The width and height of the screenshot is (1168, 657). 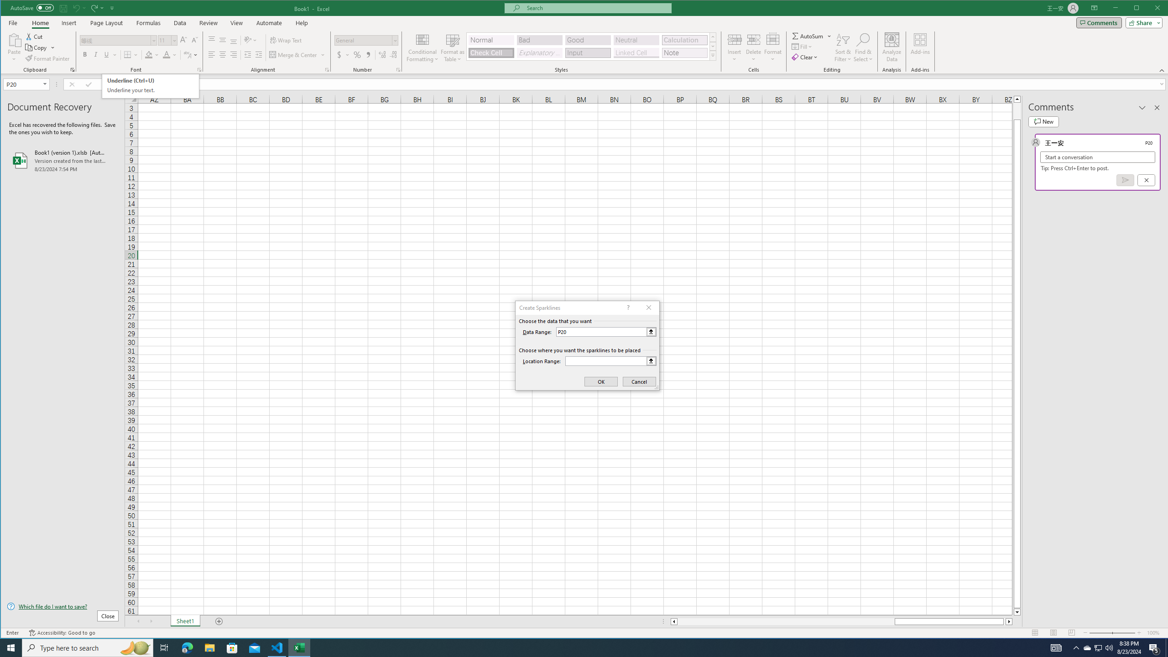 I want to click on 'Bad', so click(x=539, y=40).